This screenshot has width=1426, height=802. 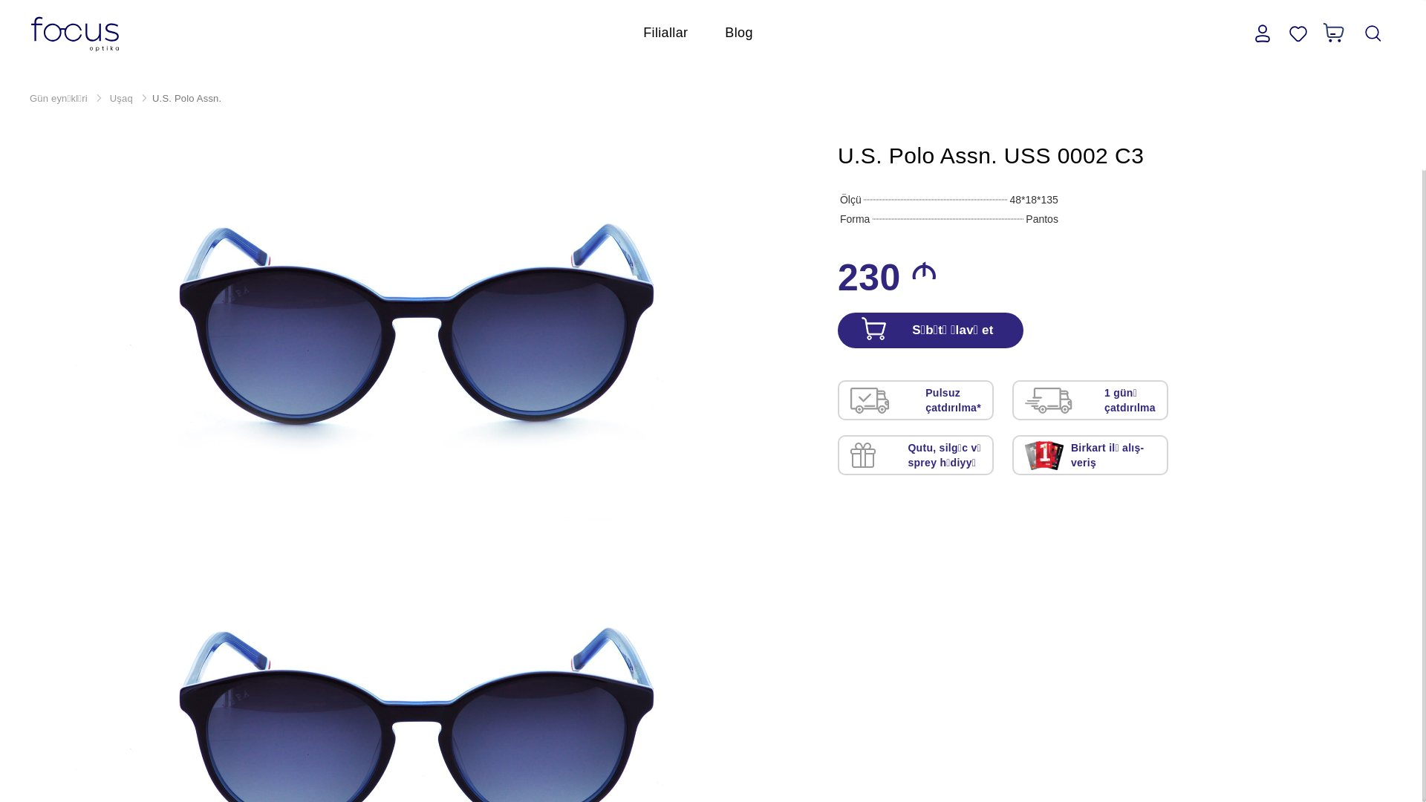 What do you see at coordinates (665, 32) in the screenshot?
I see `'Filiallar'` at bounding box center [665, 32].